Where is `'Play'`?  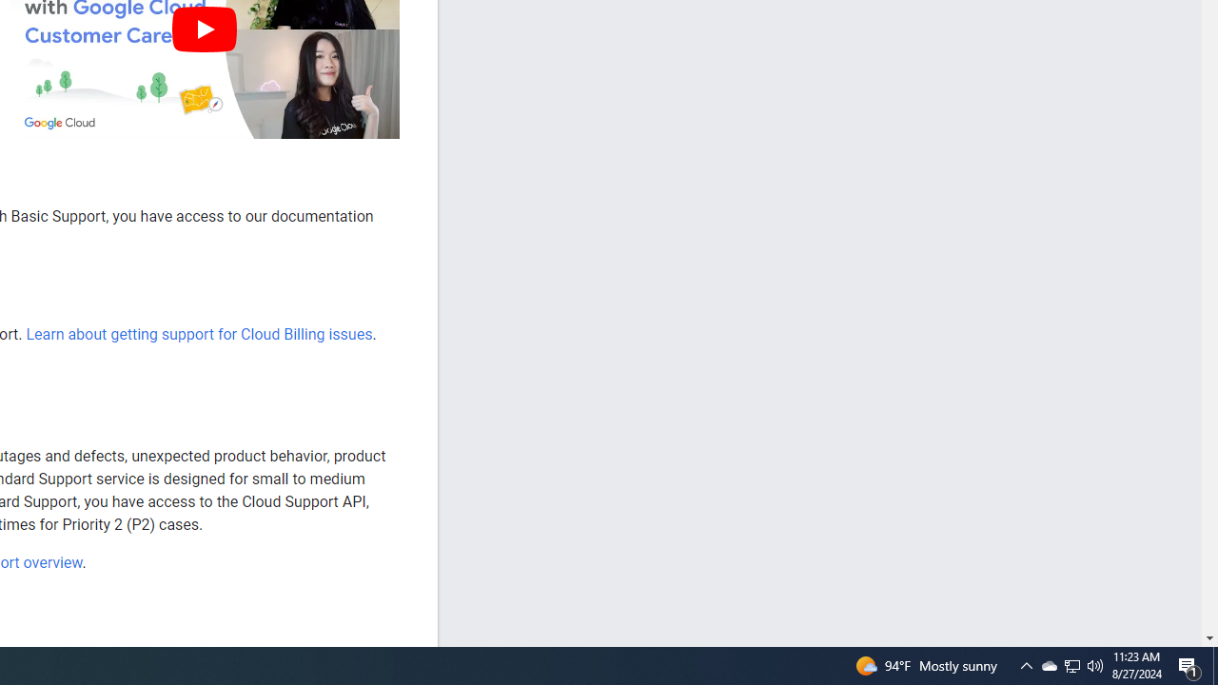 'Play' is located at coordinates (205, 29).